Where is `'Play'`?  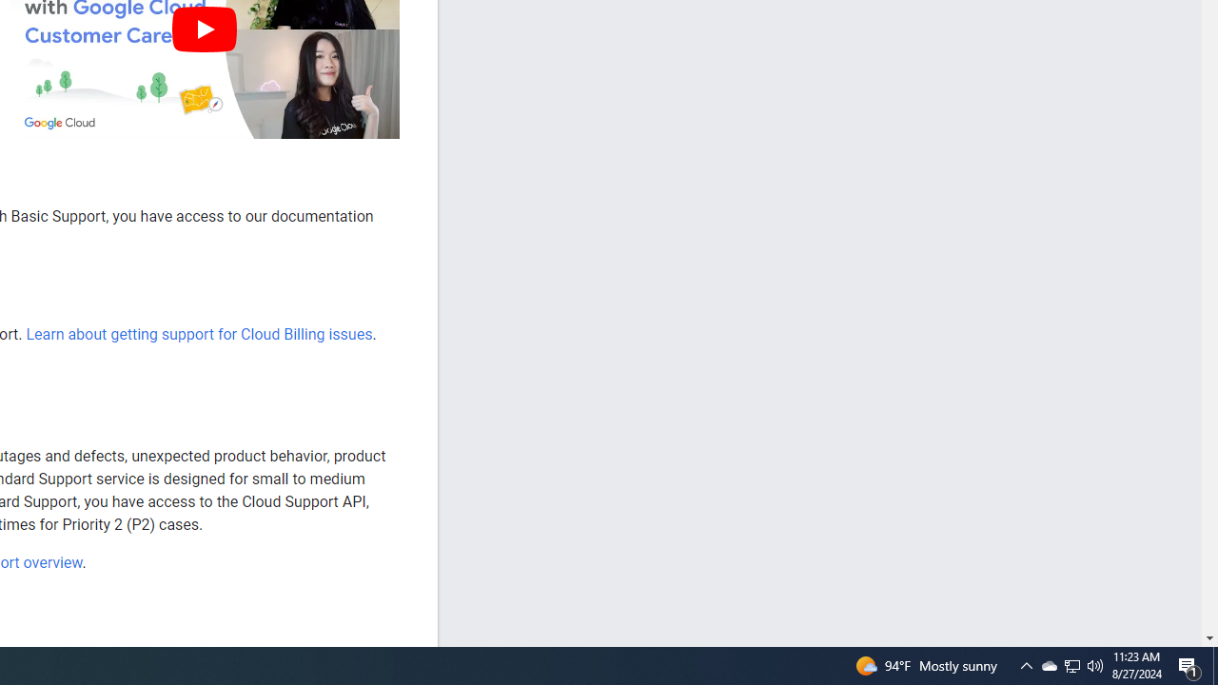 'Play' is located at coordinates (205, 29).